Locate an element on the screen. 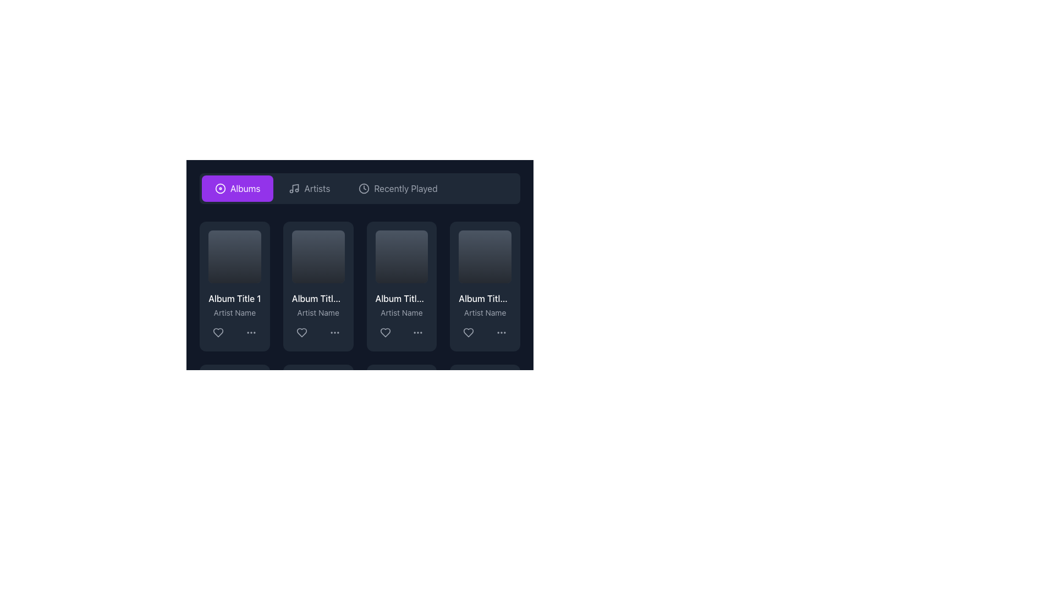  the text label displaying the title of the album located at the bottom of the fourth album card, directly above the 'Artist Name' text element is located at coordinates (485, 298).